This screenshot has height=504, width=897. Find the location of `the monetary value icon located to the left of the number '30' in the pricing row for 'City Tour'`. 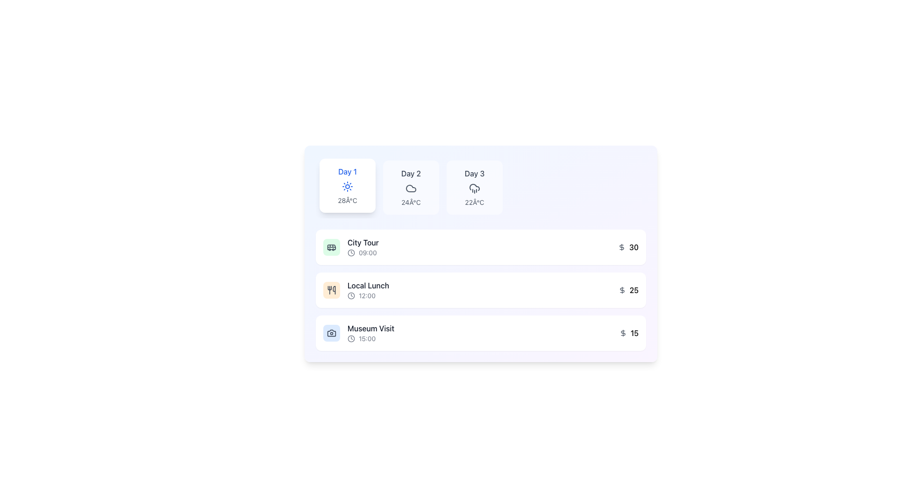

the monetary value icon located to the left of the number '30' in the pricing row for 'City Tour' is located at coordinates (621, 246).